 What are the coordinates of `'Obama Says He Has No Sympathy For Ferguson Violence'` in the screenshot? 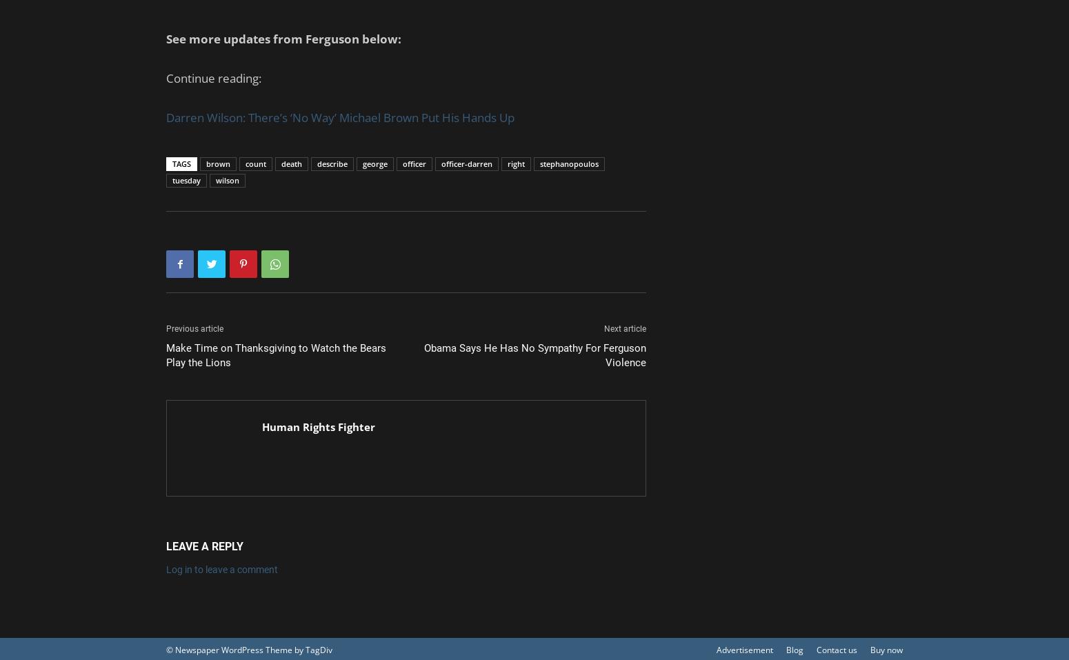 It's located at (534, 355).